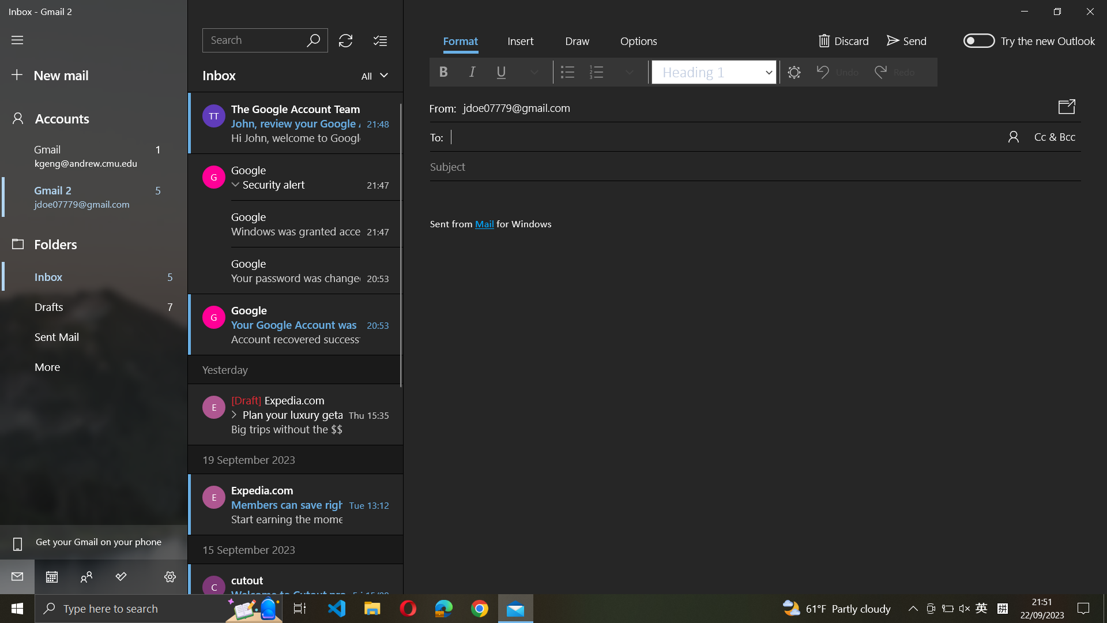 The image size is (1107, 623). Describe the element at coordinates (519, 42) in the screenshot. I see `Insert to the mail` at that location.